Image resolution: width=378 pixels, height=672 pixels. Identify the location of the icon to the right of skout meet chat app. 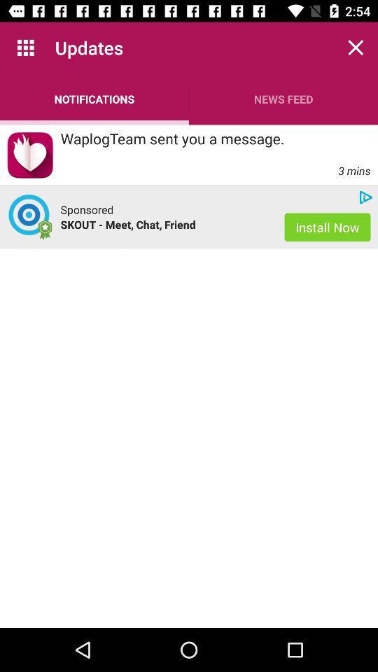
(328, 227).